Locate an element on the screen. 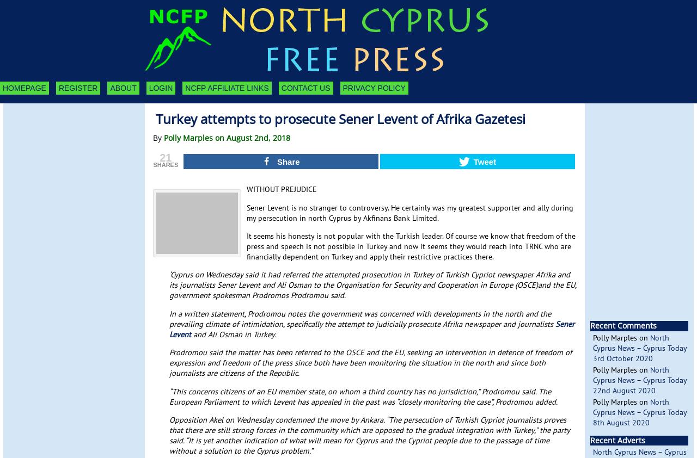 The height and width of the screenshot is (458, 697). 'Polly Marples on August 2nd, 2018' is located at coordinates (227, 137).